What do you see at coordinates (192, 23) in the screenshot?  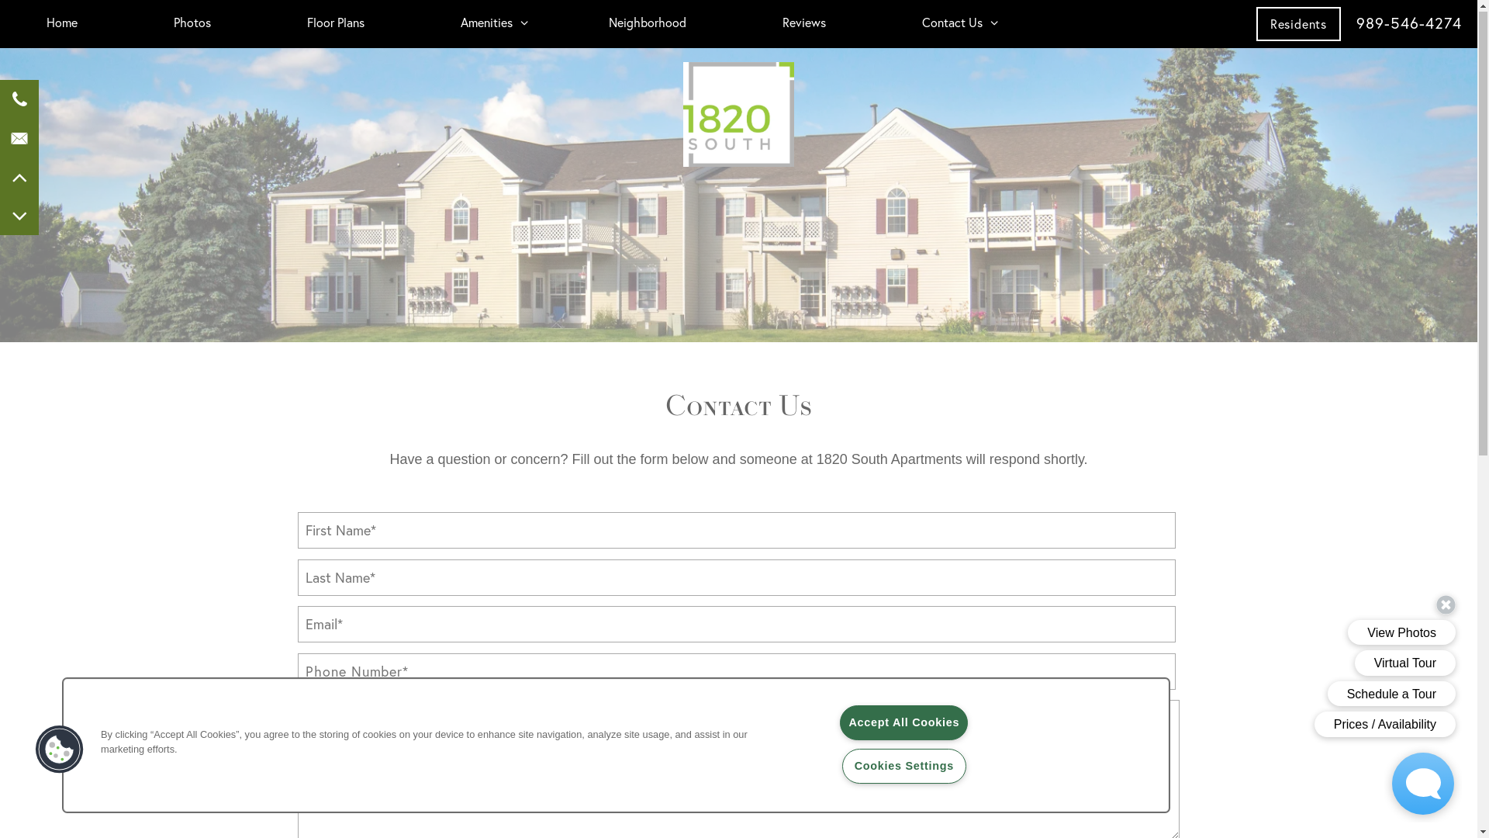 I see `'Photos'` at bounding box center [192, 23].